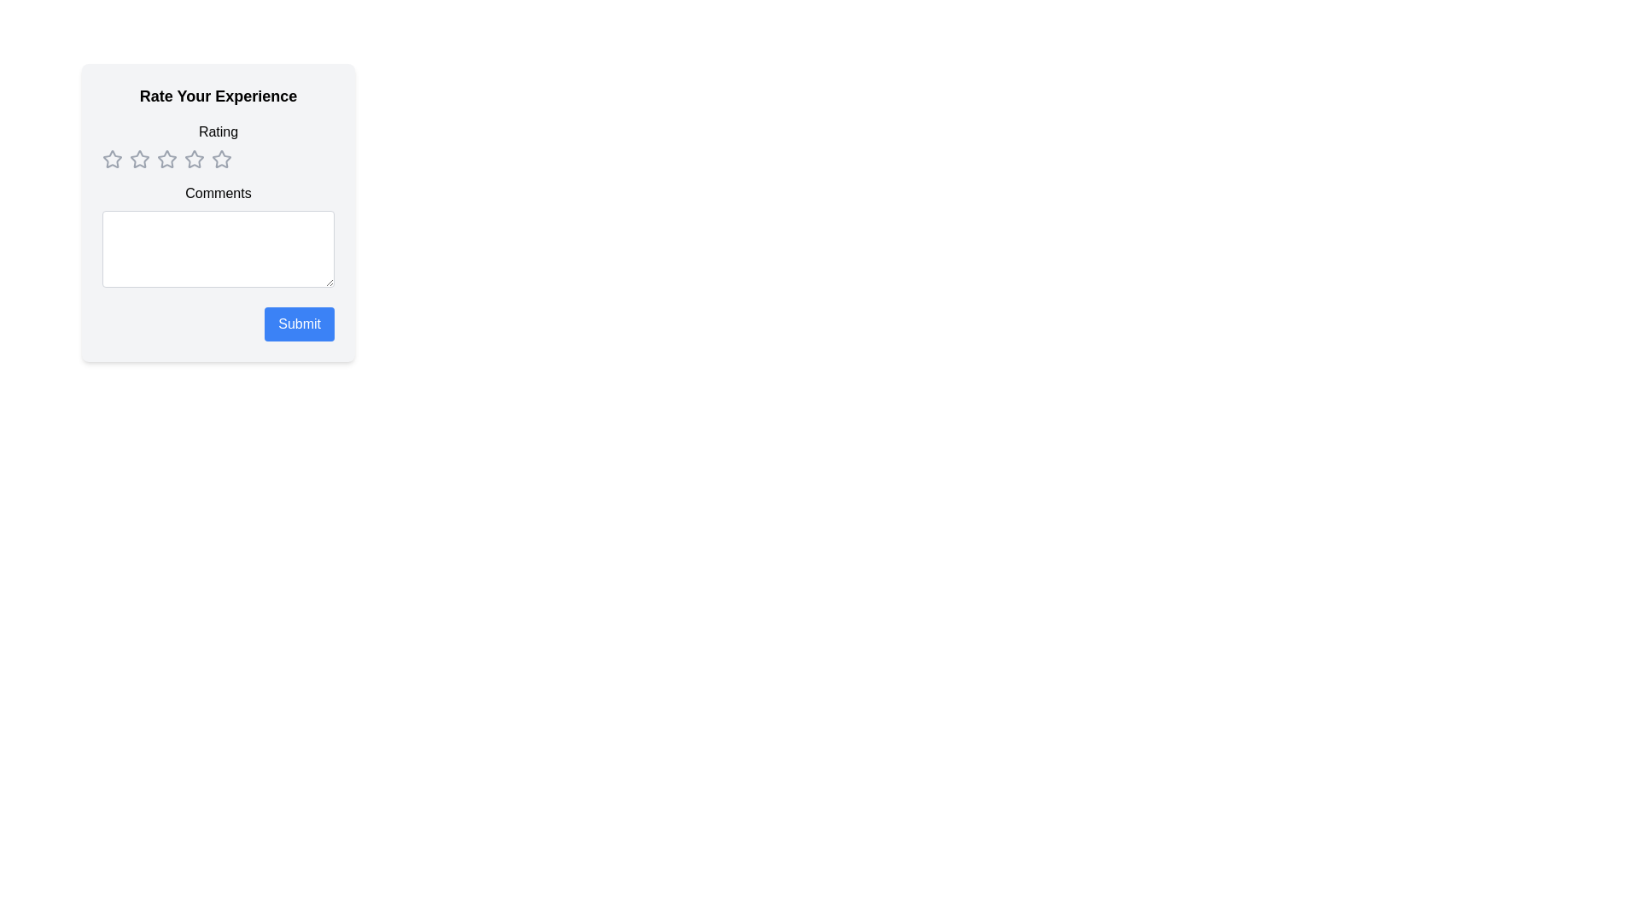  Describe the element at coordinates (112, 159) in the screenshot. I see `the first star-shaped icon with a gray outline in the rating section of the feedback form` at that location.